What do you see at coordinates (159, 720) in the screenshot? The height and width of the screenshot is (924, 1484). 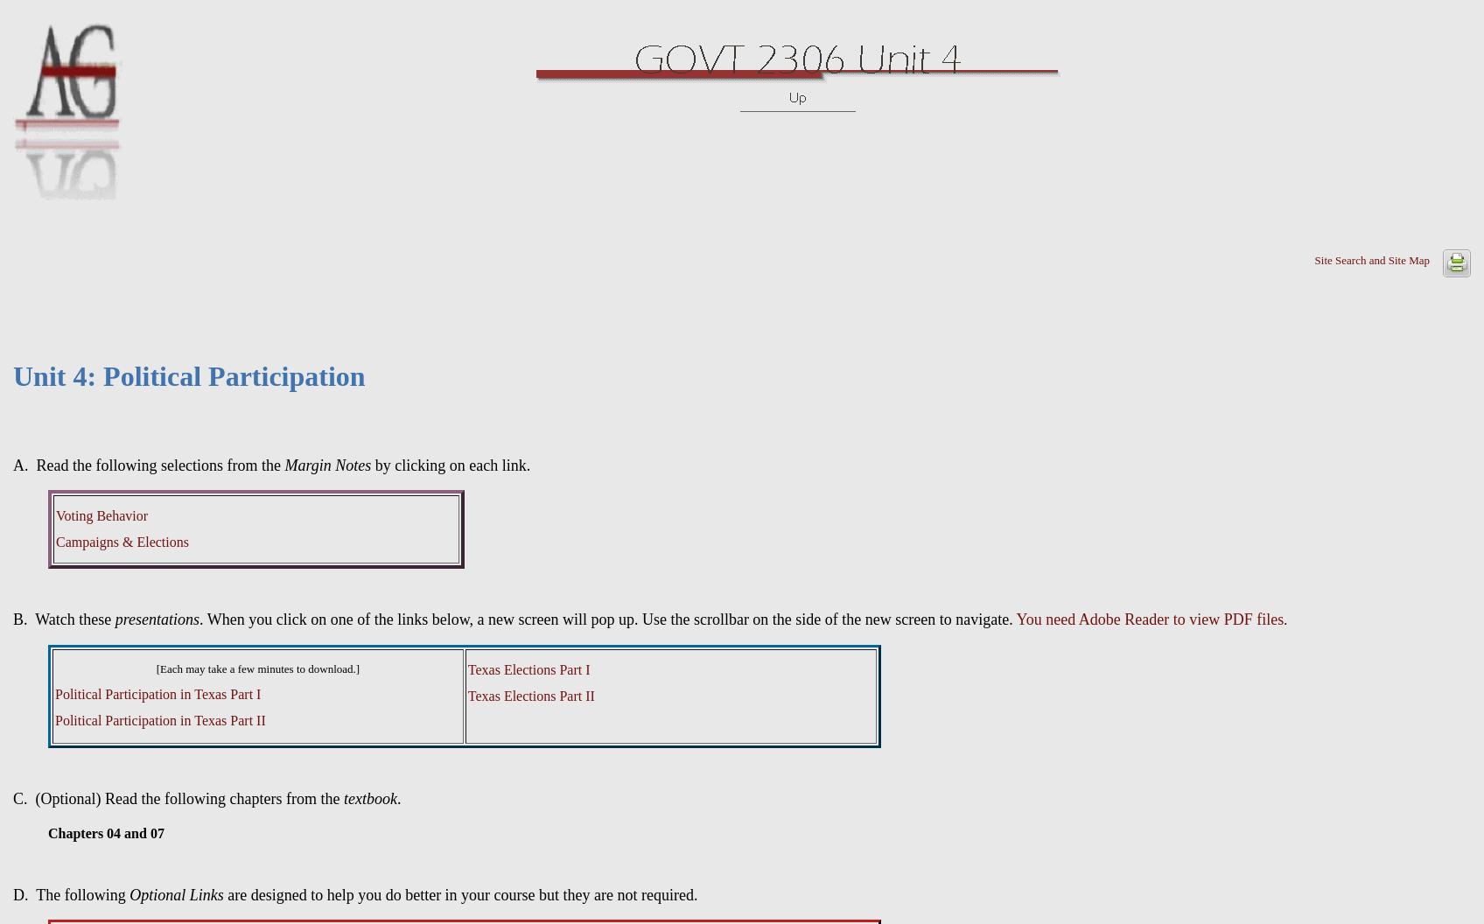 I see `'Political Participation 
in Texas Part II'` at bounding box center [159, 720].